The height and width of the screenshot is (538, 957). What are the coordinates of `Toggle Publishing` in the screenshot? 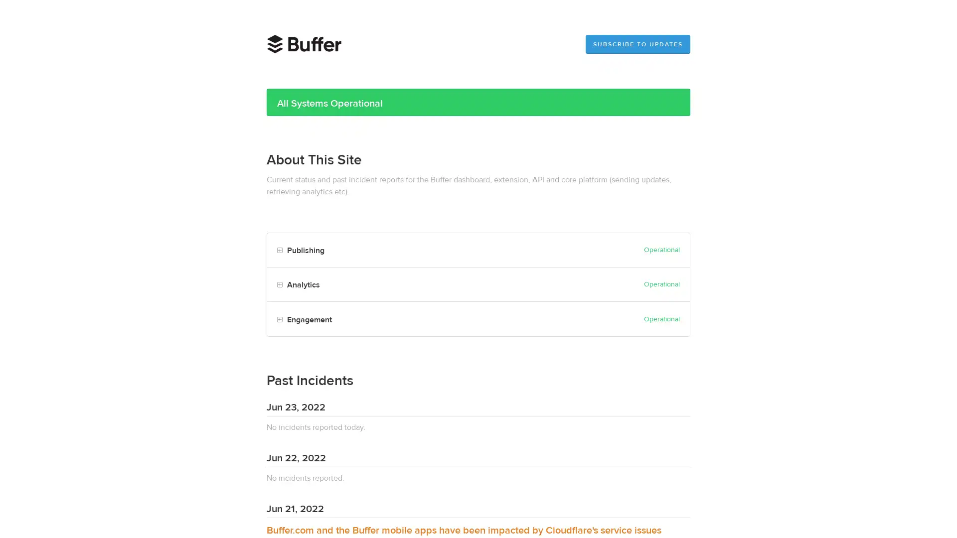 It's located at (279, 250).